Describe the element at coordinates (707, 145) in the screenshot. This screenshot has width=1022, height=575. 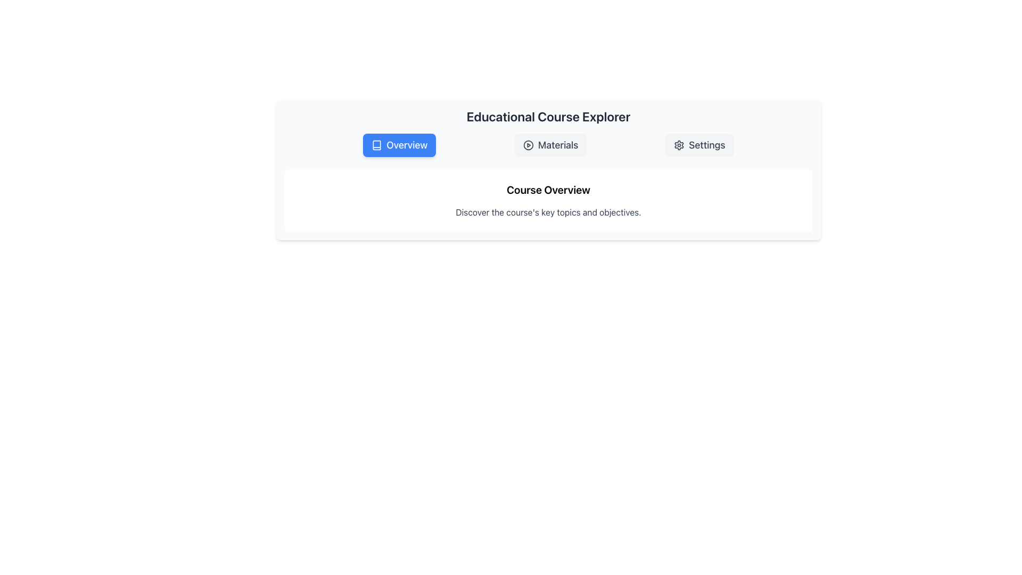
I see `the Static Text Label that indicates navigation functionality for adjusting settings or preferences, located to the right of a gear-shaped icon in the top-right corner of the UI` at that location.